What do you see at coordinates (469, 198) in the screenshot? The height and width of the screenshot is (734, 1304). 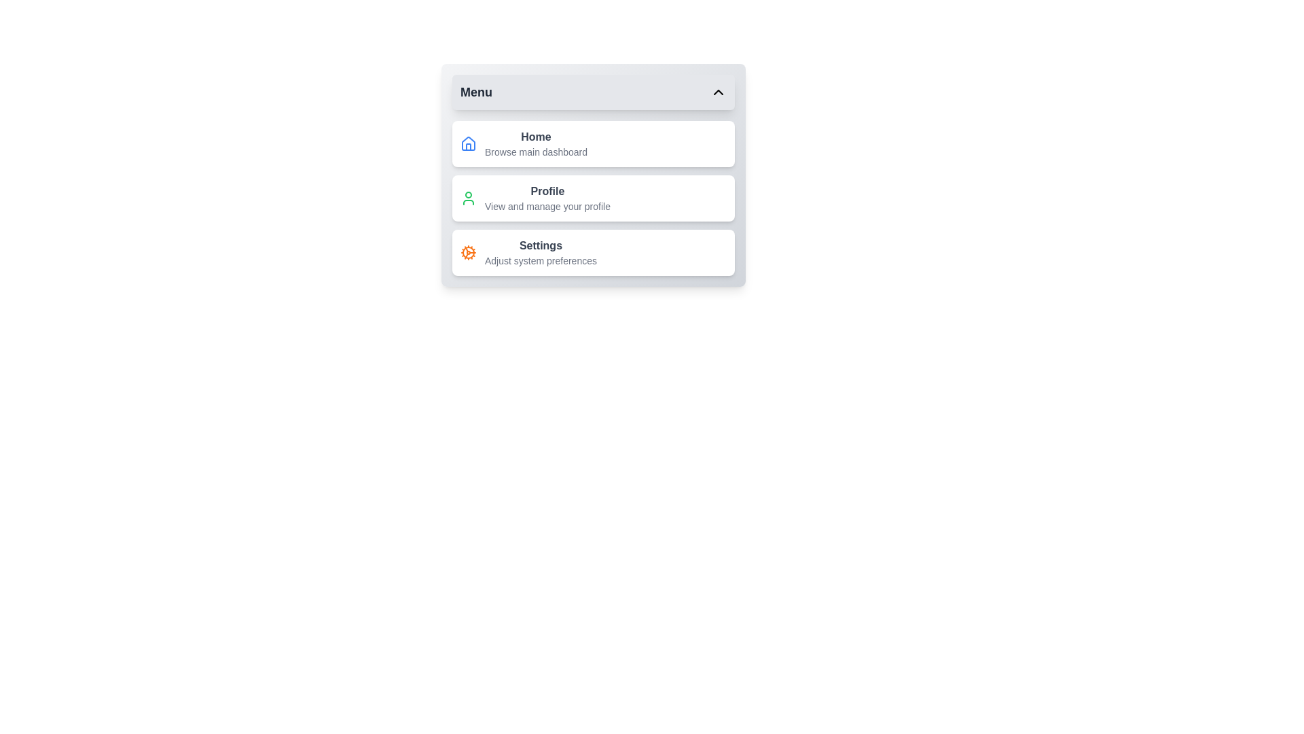 I see `the icon associated with the menu item Profile` at bounding box center [469, 198].